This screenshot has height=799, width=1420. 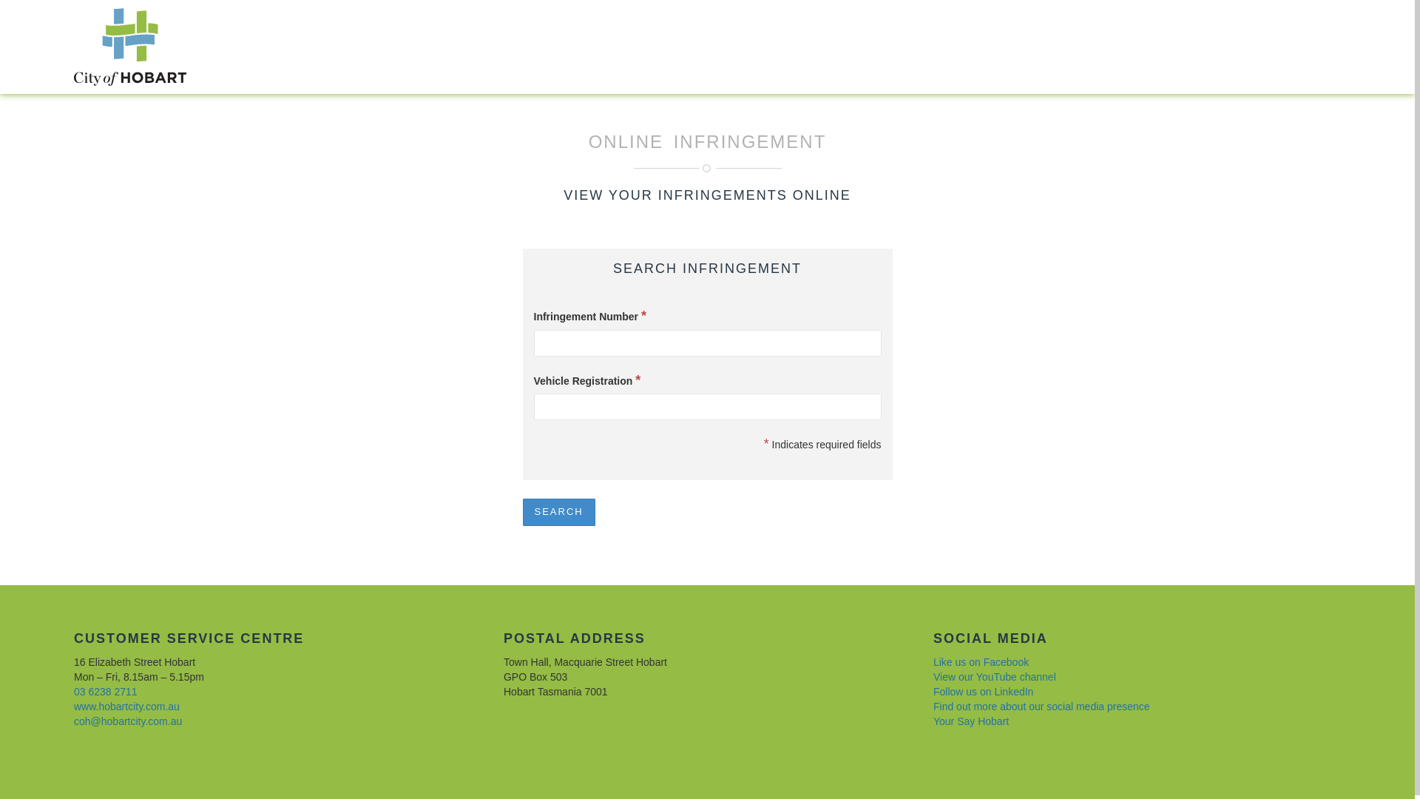 I want to click on 'coh@hobartcity.com.au', so click(x=73, y=721).